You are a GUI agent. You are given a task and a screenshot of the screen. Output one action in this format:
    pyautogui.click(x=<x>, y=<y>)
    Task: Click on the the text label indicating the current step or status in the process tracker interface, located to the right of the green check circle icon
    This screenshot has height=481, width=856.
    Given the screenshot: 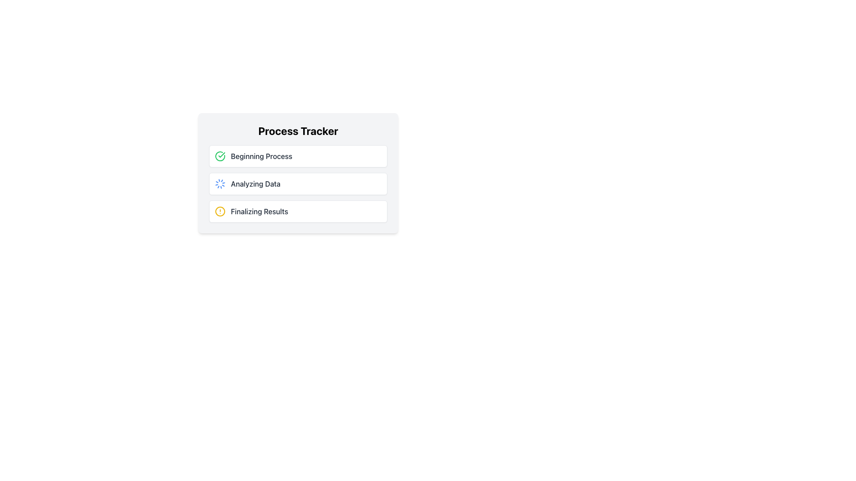 What is the action you would take?
    pyautogui.click(x=261, y=156)
    